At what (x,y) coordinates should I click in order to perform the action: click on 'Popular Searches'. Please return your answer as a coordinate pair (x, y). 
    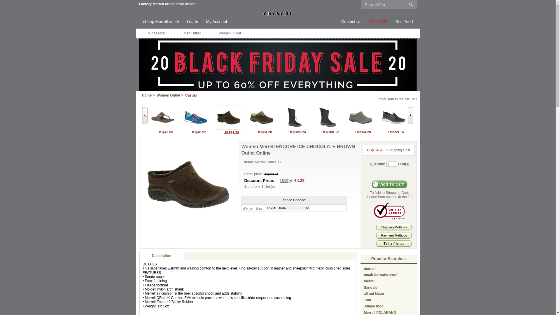
    Looking at the image, I should click on (388, 258).